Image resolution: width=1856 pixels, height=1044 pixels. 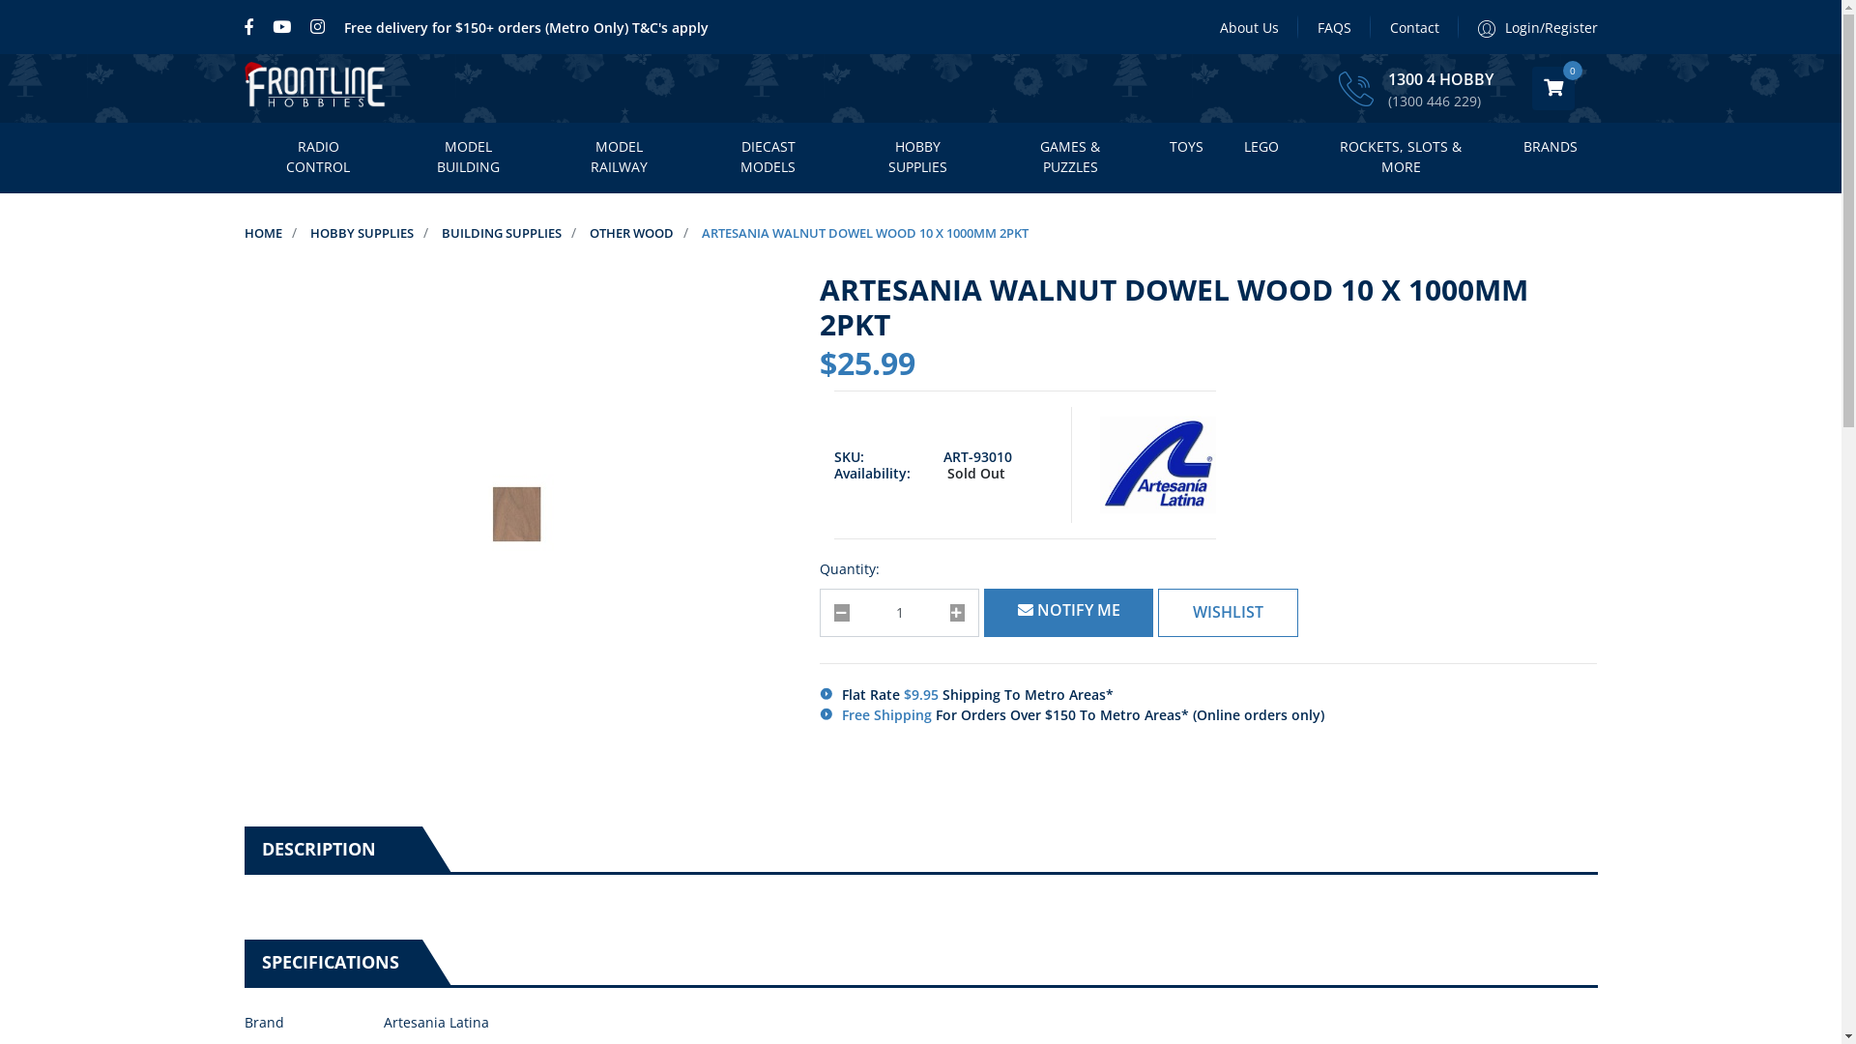 I want to click on 'Frontline Hobbies on Youtube', so click(x=280, y=26).